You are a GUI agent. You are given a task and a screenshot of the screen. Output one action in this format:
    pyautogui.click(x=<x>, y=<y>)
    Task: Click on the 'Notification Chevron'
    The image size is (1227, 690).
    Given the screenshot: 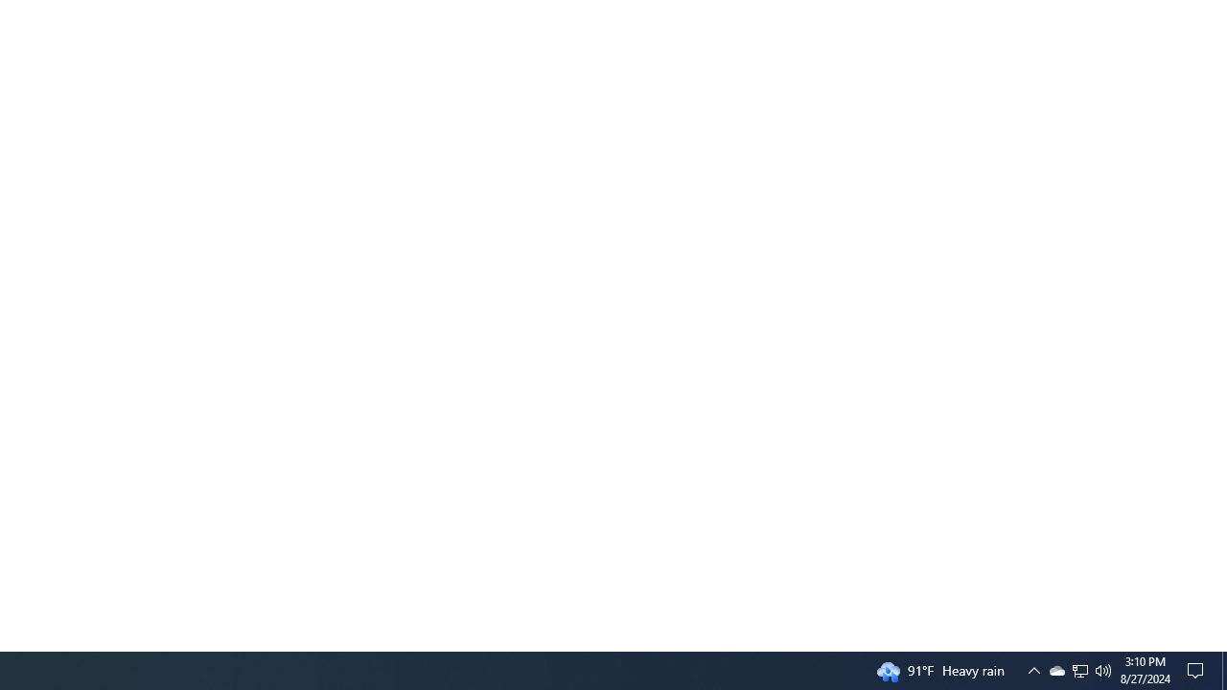 What is the action you would take?
    pyautogui.click(x=1033, y=669)
    